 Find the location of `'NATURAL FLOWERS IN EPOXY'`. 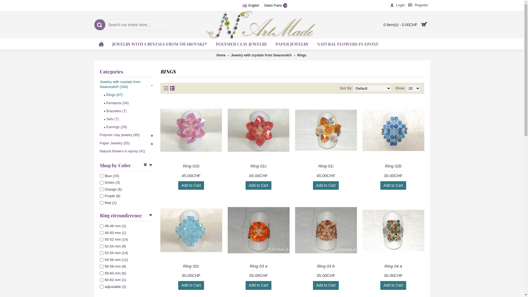

'NATURAL FLOWERS IN EPOXY' is located at coordinates (347, 43).